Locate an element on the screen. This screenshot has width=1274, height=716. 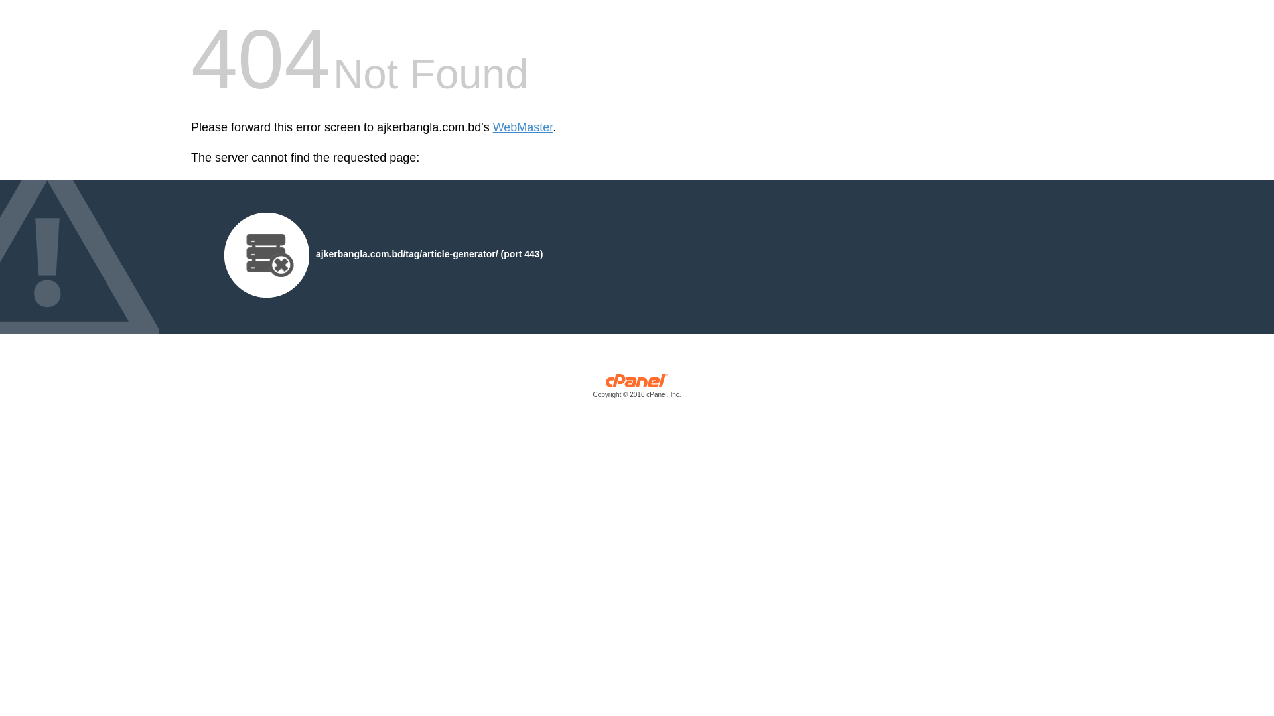
'WebMaster' is located at coordinates (522, 127).